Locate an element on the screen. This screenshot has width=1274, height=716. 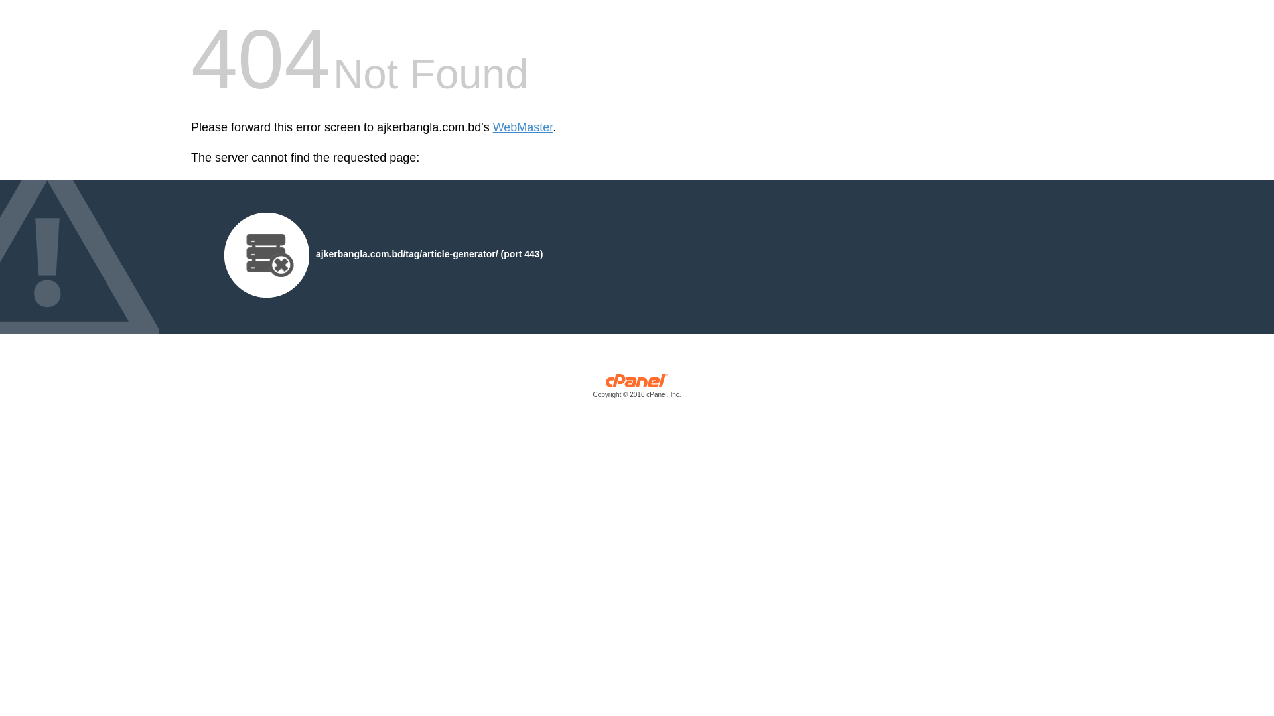
'WebMaster' is located at coordinates (522, 127).